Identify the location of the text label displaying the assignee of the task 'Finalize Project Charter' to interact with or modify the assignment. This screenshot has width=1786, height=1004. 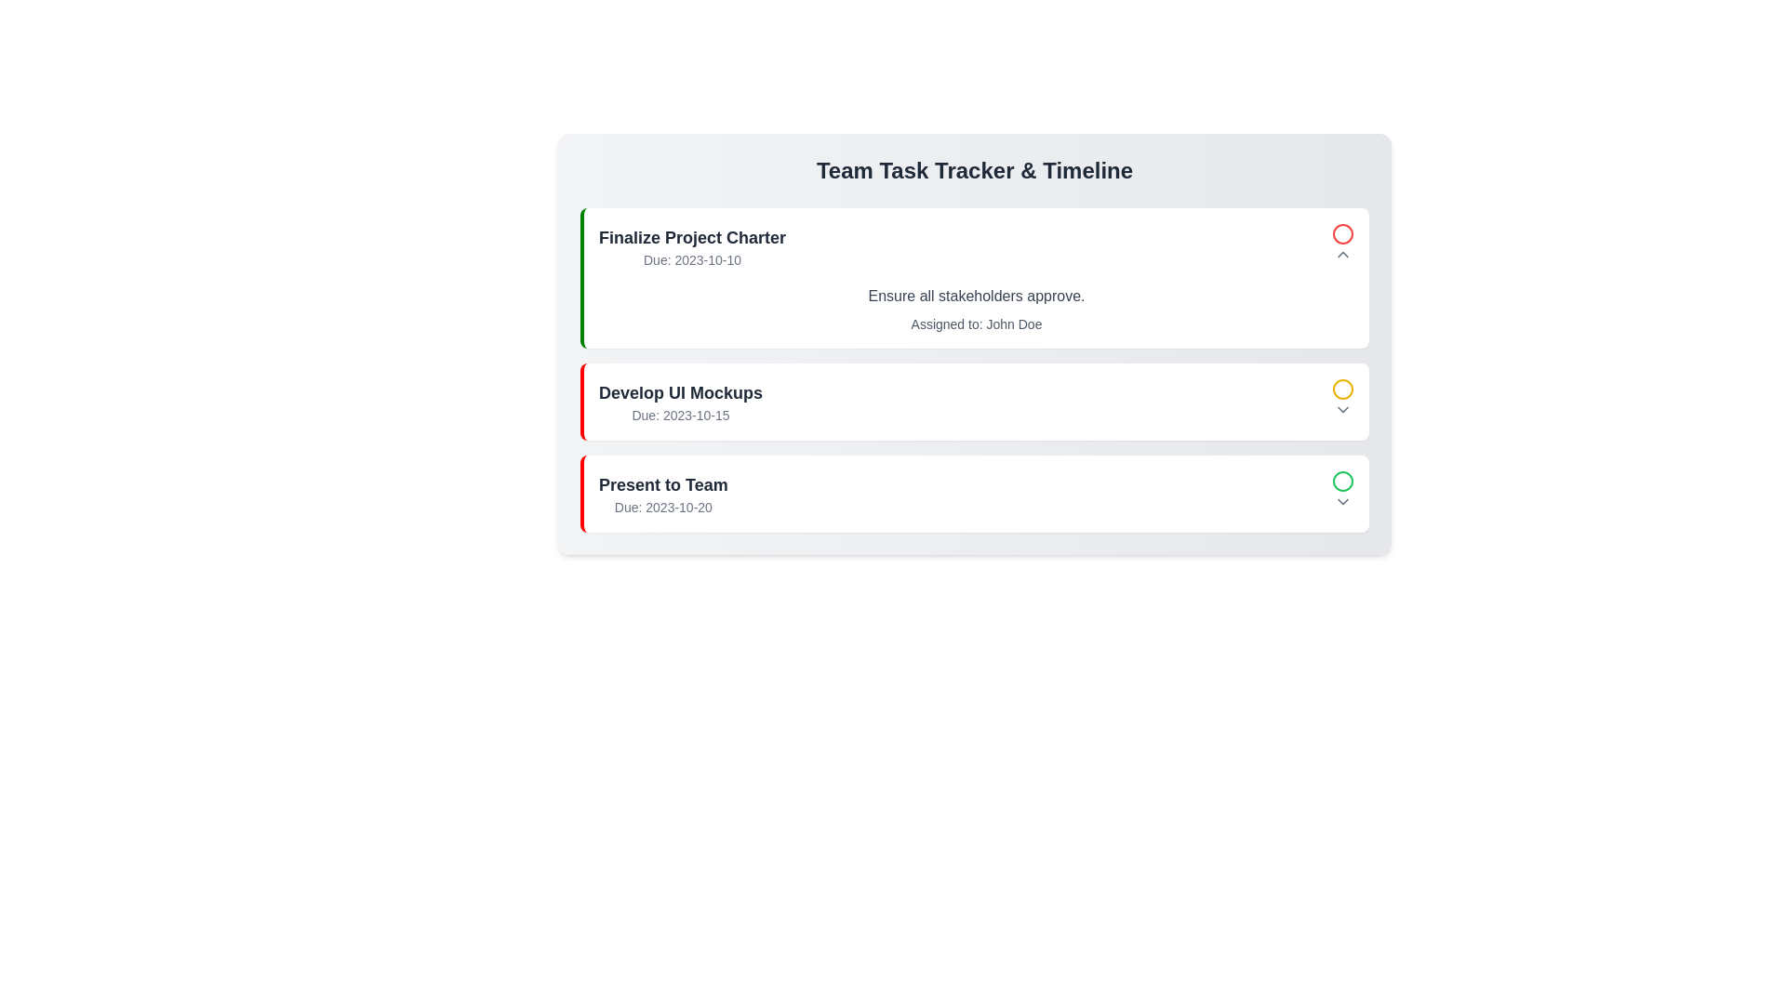
(976, 323).